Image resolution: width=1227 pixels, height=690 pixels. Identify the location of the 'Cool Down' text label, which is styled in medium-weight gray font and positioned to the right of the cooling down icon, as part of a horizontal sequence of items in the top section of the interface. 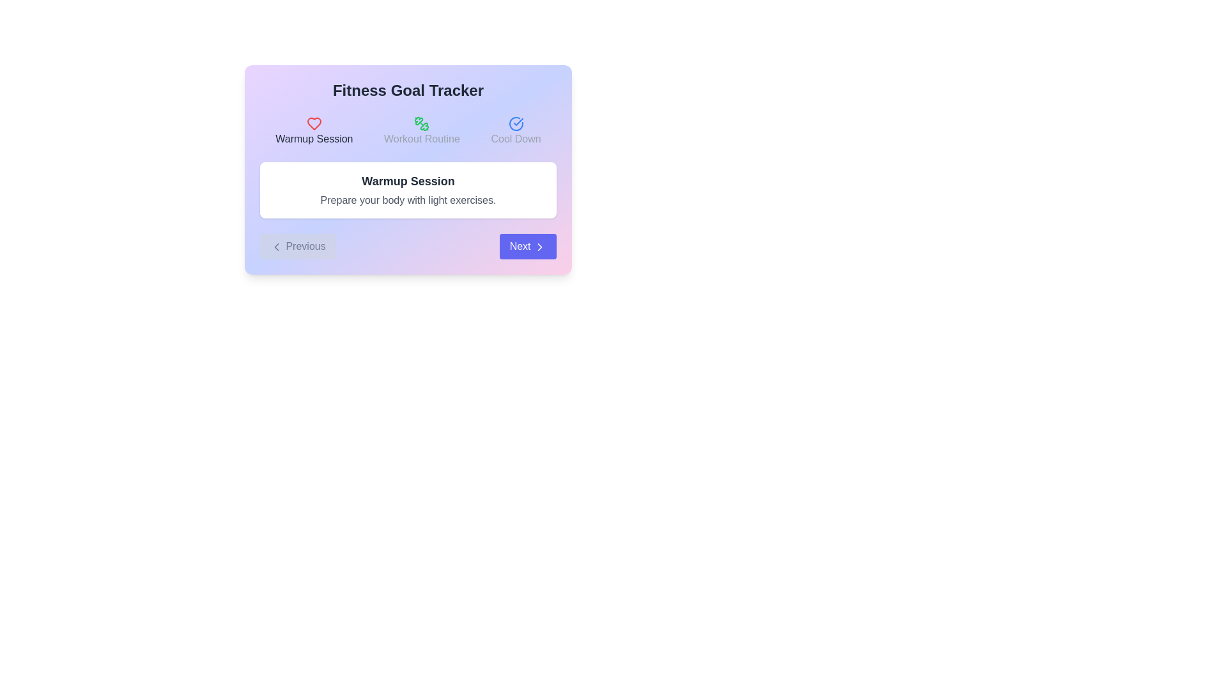
(516, 139).